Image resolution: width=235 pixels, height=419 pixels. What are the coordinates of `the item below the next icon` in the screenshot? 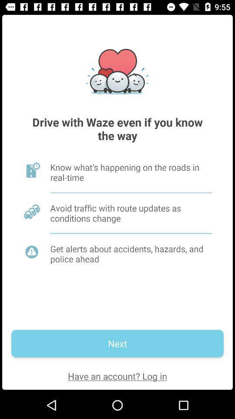 It's located at (117, 375).